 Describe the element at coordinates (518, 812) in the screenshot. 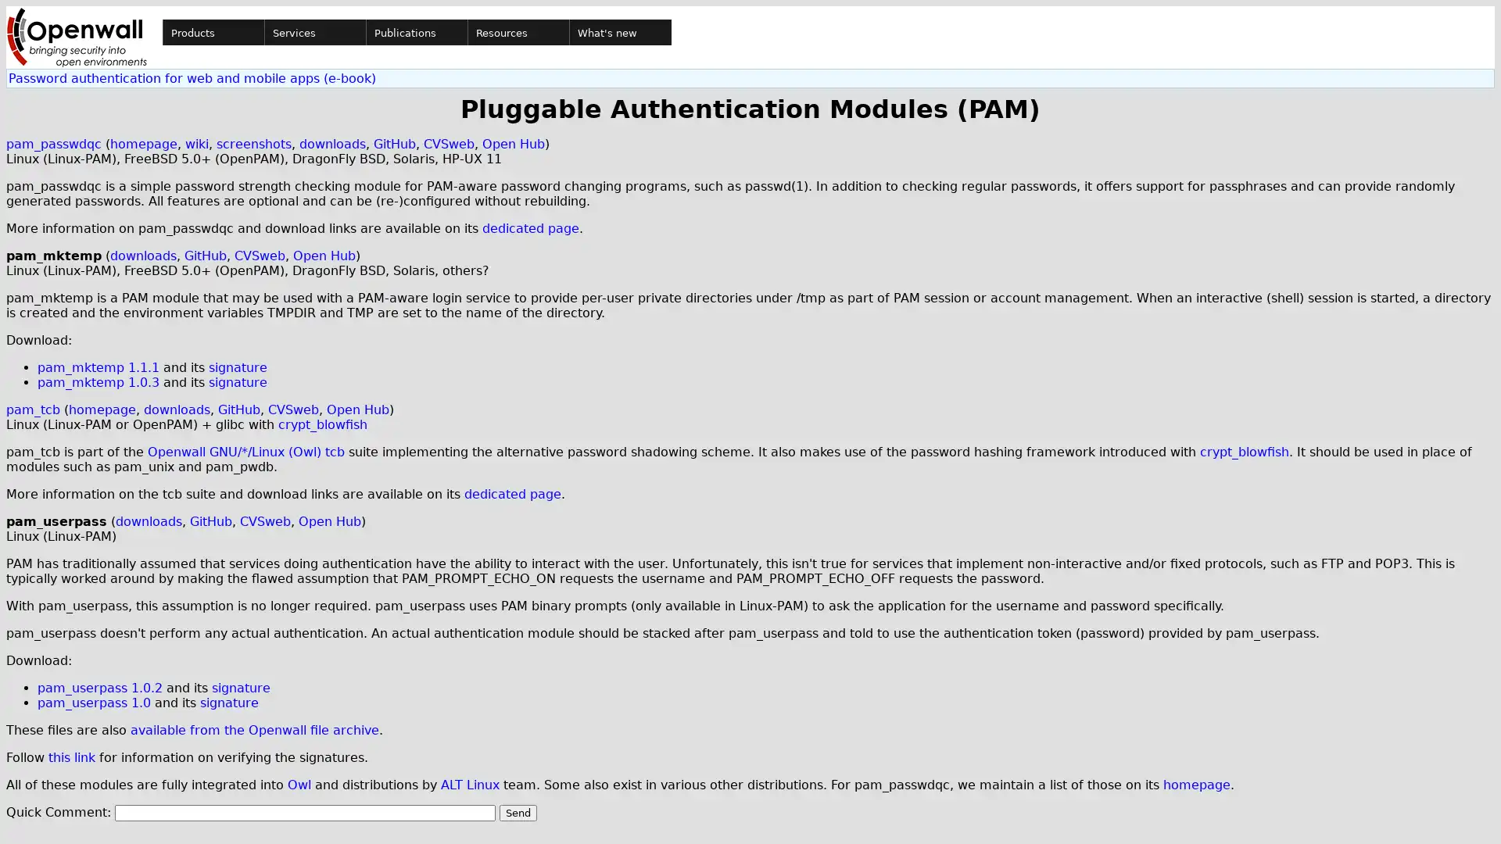

I see `Send` at that location.